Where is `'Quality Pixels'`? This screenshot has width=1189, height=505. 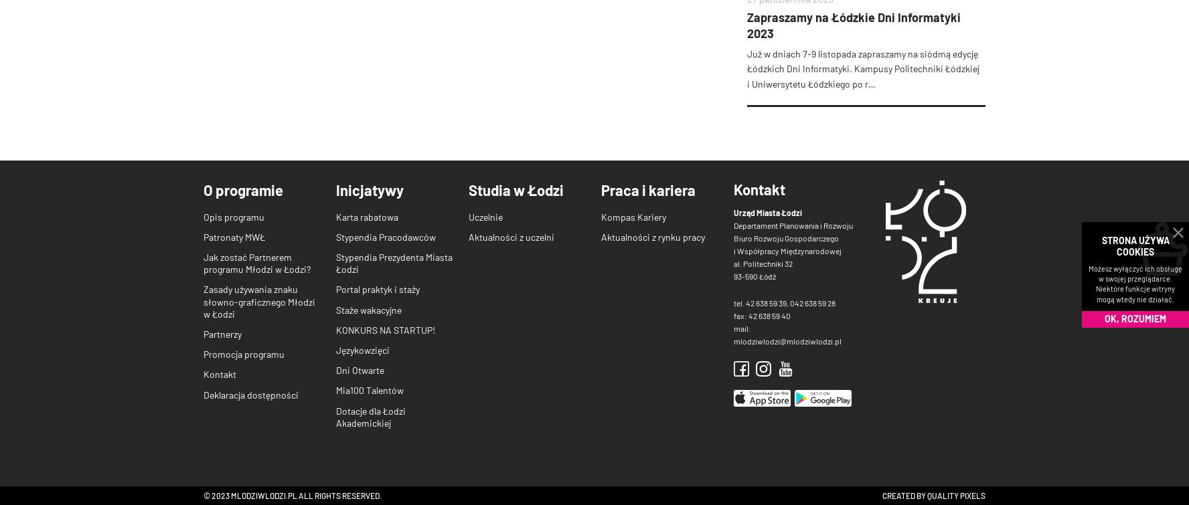 'Quality Pixels' is located at coordinates (926, 494).